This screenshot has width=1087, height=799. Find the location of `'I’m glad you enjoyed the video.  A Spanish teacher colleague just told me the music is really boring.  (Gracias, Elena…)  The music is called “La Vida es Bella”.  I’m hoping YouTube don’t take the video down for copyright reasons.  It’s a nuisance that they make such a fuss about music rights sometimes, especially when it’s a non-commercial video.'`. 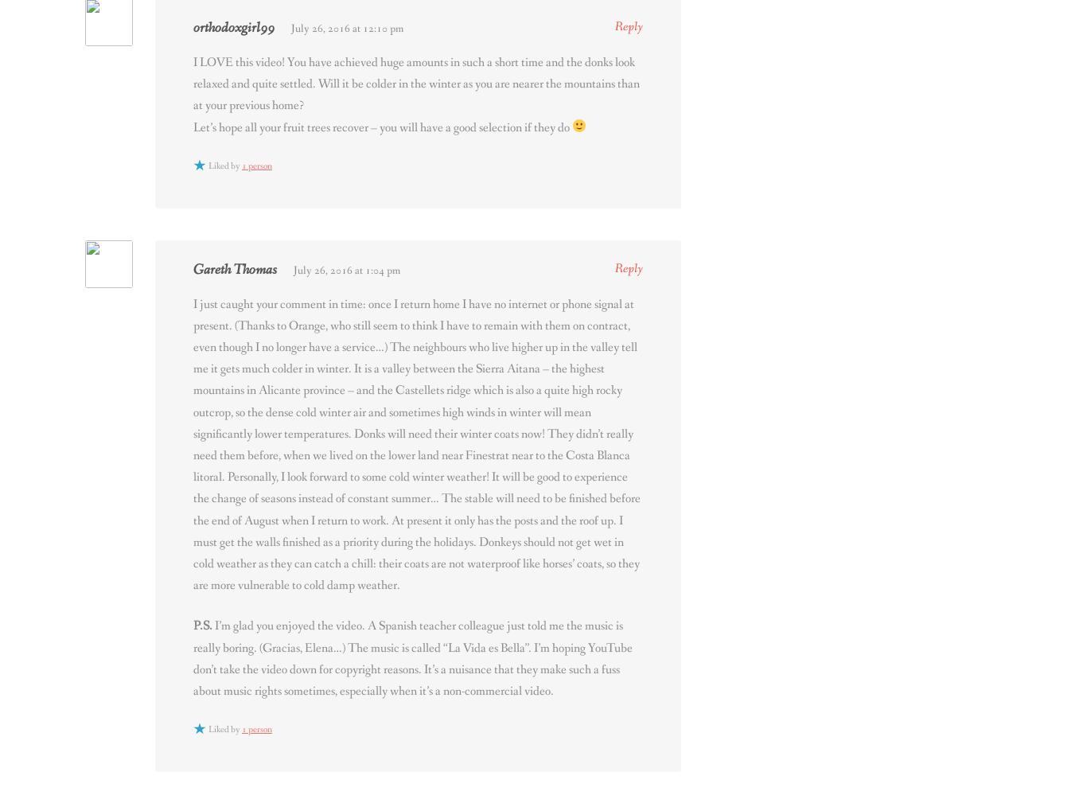

'I’m glad you enjoyed the video.  A Spanish teacher colleague just told me the music is really boring.  (Gracias, Elena…)  The music is called “La Vida es Bella”.  I’m hoping YouTube don’t take the video down for copyright reasons.  It’s a nuisance that they make such a fuss about music rights sometimes, especially when it’s a non-commercial video.' is located at coordinates (412, 657).